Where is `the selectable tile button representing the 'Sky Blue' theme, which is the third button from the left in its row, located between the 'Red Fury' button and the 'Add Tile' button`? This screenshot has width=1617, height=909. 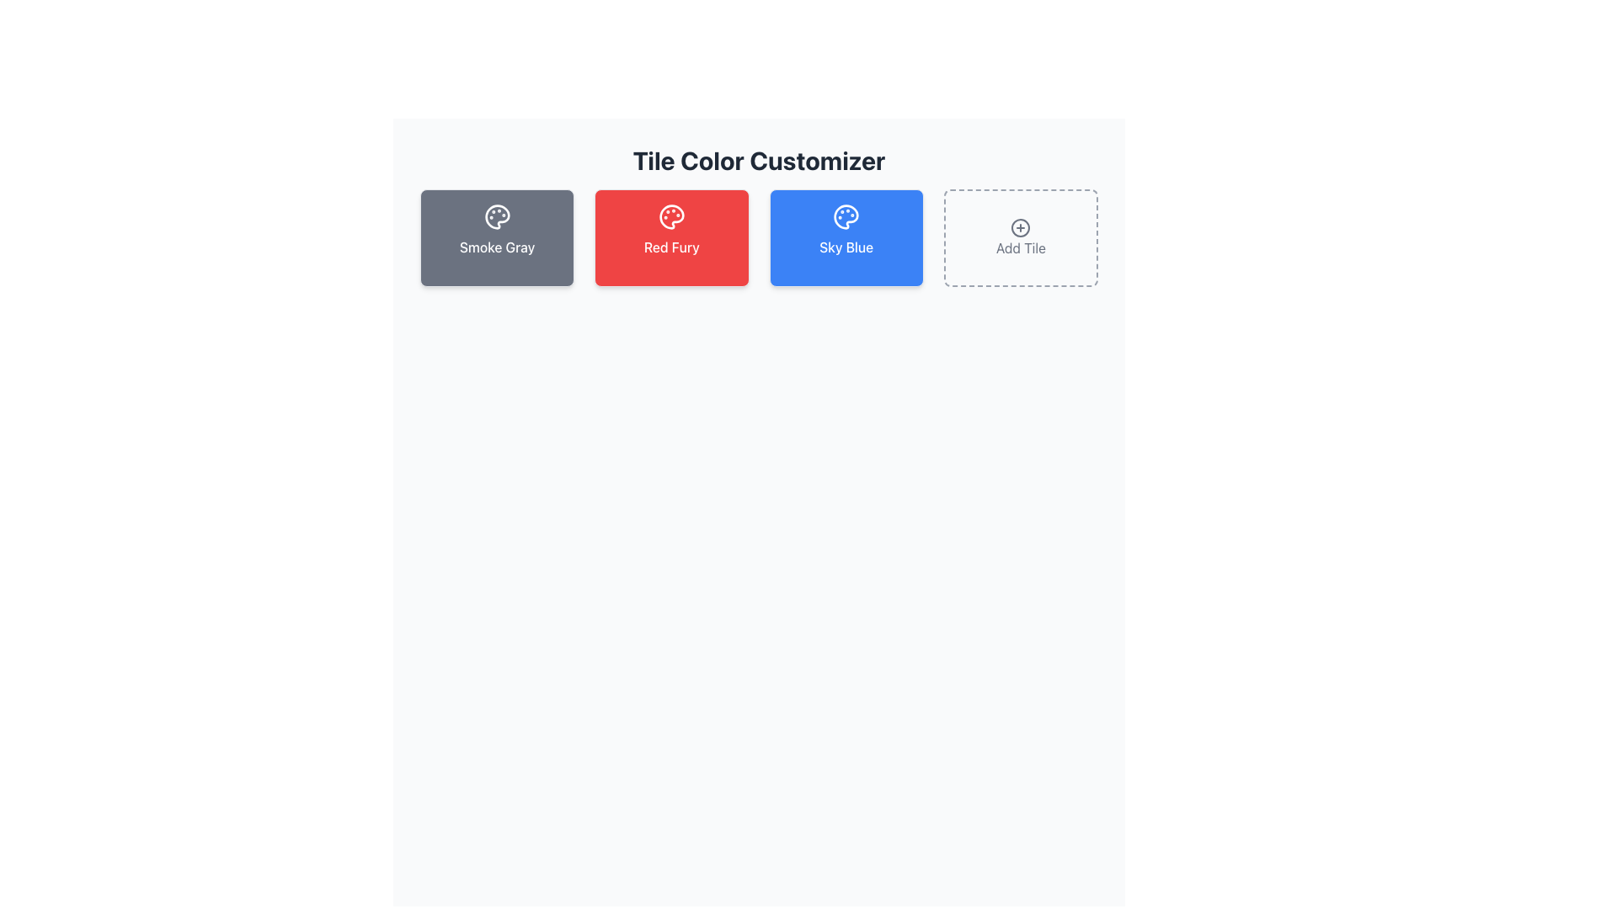 the selectable tile button representing the 'Sky Blue' theme, which is the third button from the left in its row, located between the 'Red Fury' button and the 'Add Tile' button is located at coordinates (846, 237).